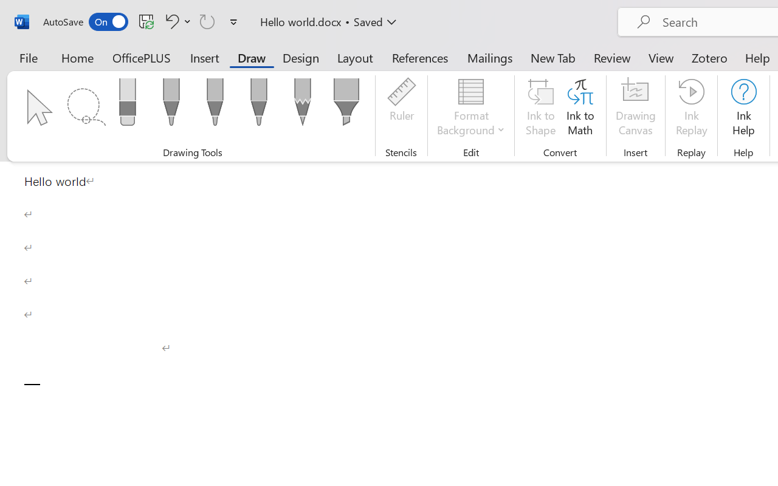 This screenshot has height=486, width=778. What do you see at coordinates (553, 57) in the screenshot?
I see `'New Tab'` at bounding box center [553, 57].